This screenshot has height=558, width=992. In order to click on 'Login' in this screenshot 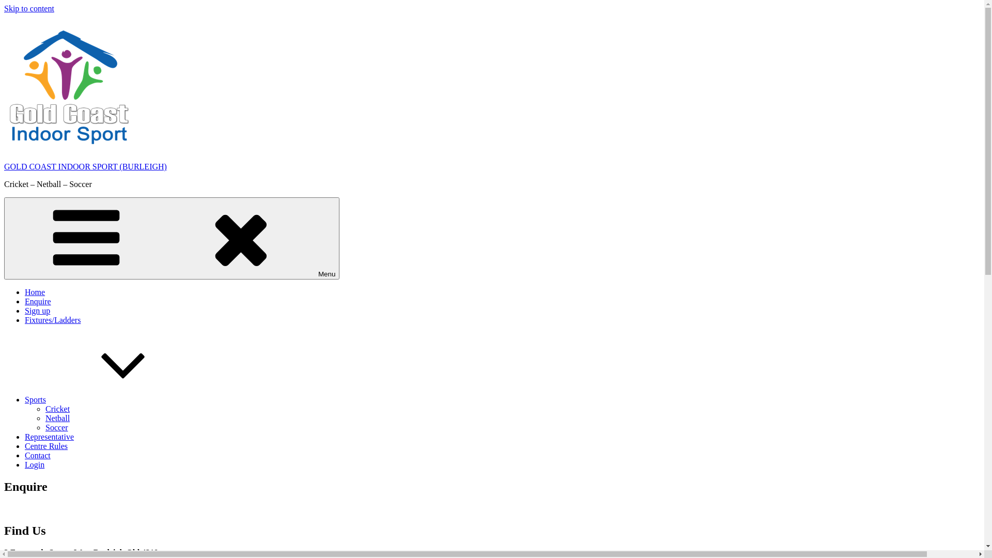, I will do `click(35, 464)`.